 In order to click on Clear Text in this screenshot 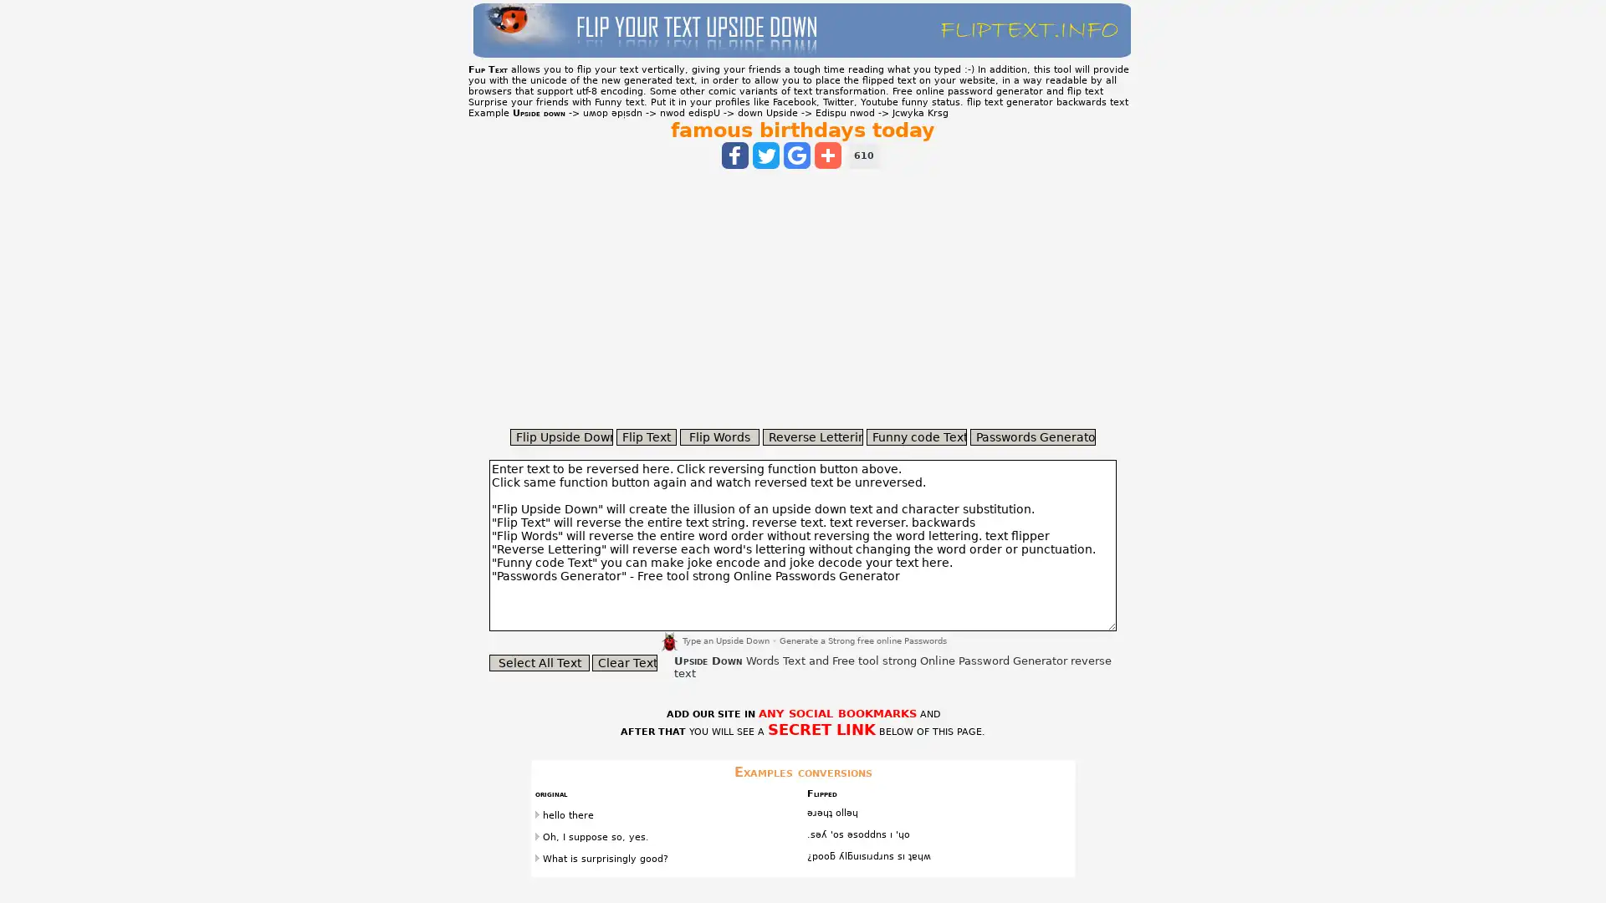, I will do `click(624, 662)`.